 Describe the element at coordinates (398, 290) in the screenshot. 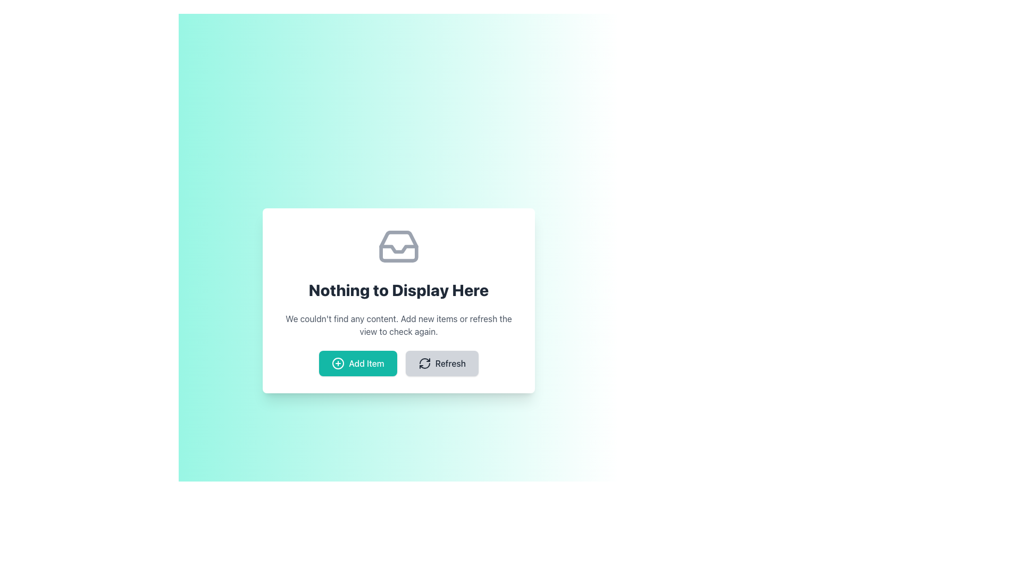

I see `the prominent text label styled in bold, extra-large font with the phrase 'Nothing` at that location.